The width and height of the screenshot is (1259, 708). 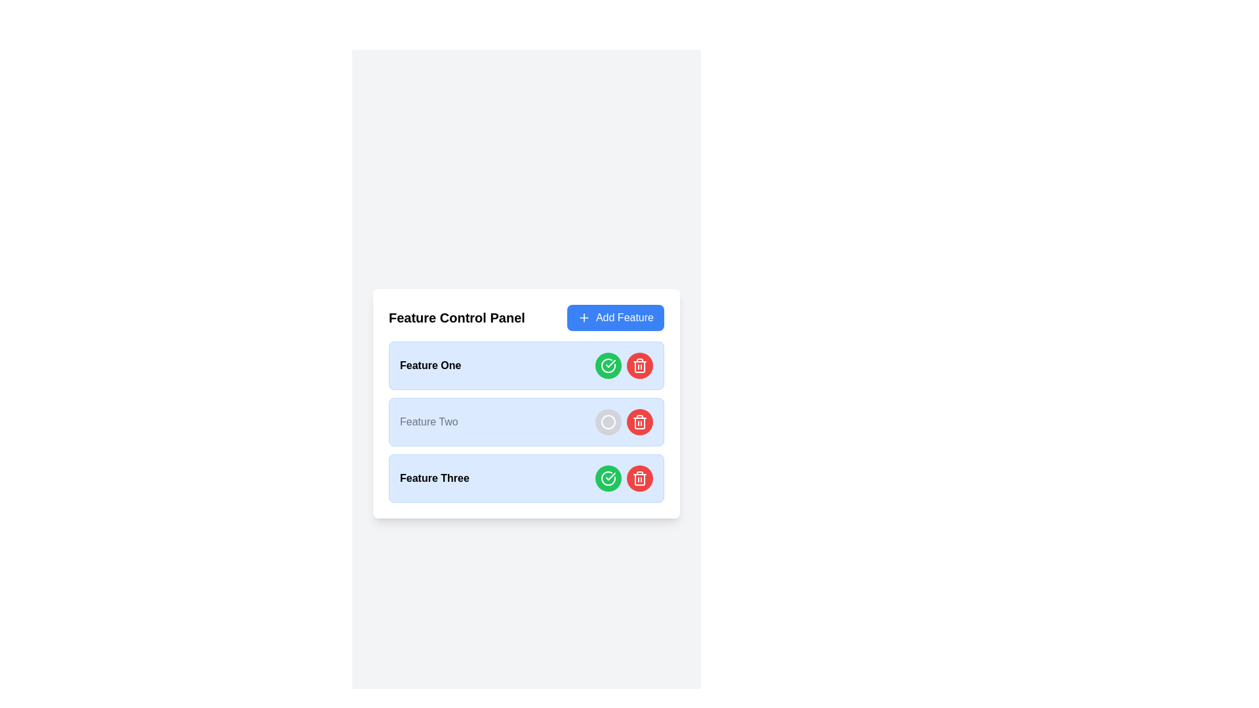 What do you see at coordinates (607, 422) in the screenshot?
I see `circular SVG graphic element located inside the button of the second feature item in the 'Feature Control Panel'` at bounding box center [607, 422].